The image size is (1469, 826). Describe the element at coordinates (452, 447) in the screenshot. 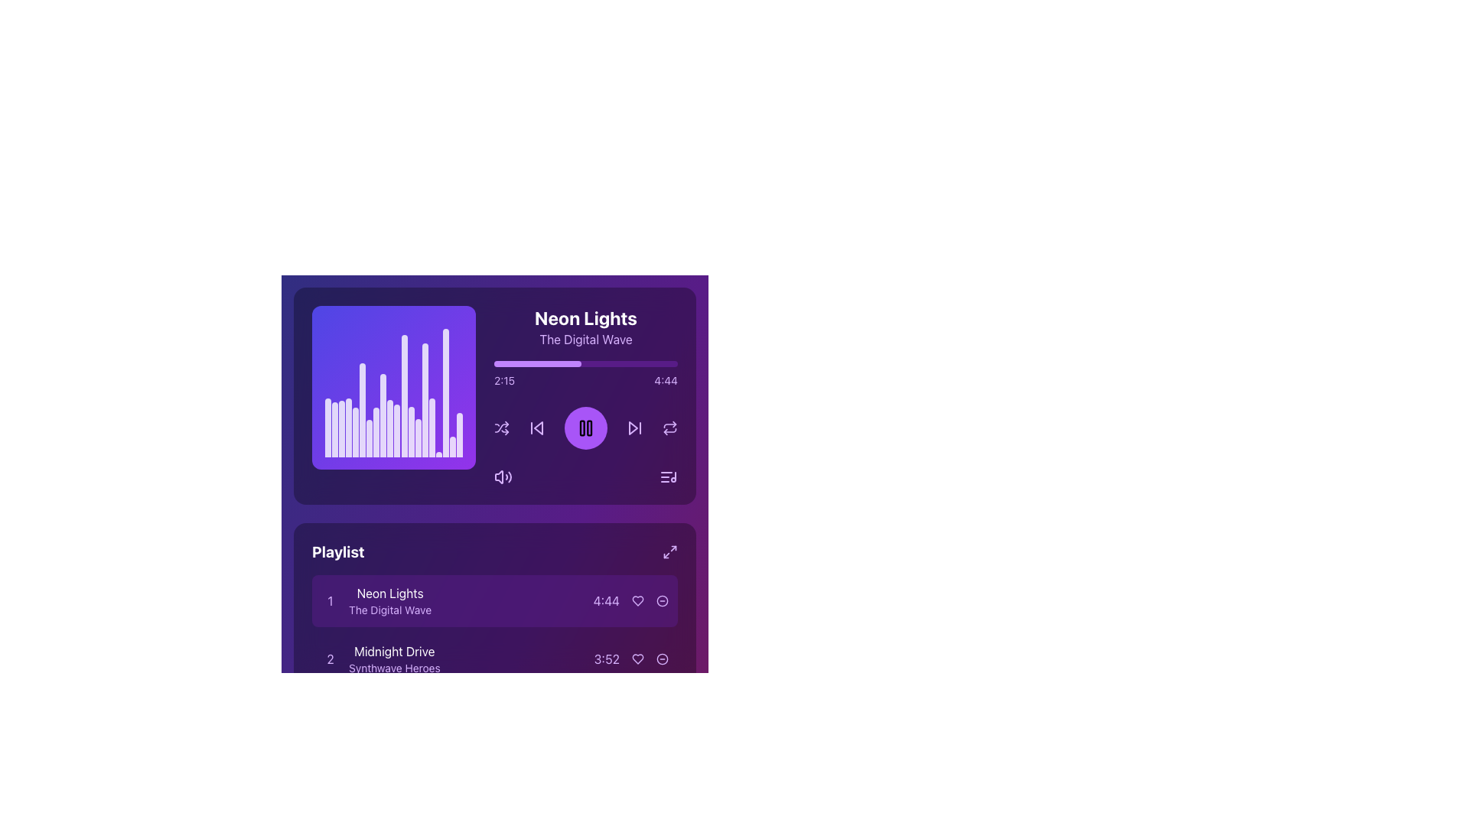

I see `the visual behavior of the last vertical bar in the audio visualization bar graph, which is a thin, semi-transparent white bar with a rounded top` at that location.